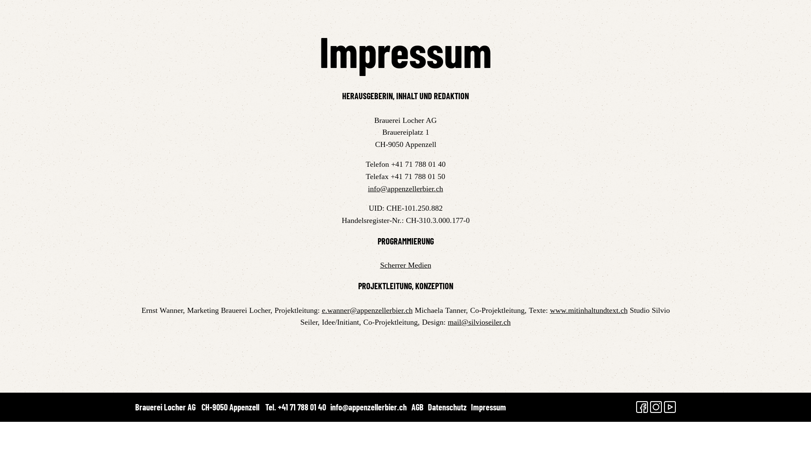 This screenshot has height=456, width=811. What do you see at coordinates (405, 265) in the screenshot?
I see `'Scherrer Medien'` at bounding box center [405, 265].